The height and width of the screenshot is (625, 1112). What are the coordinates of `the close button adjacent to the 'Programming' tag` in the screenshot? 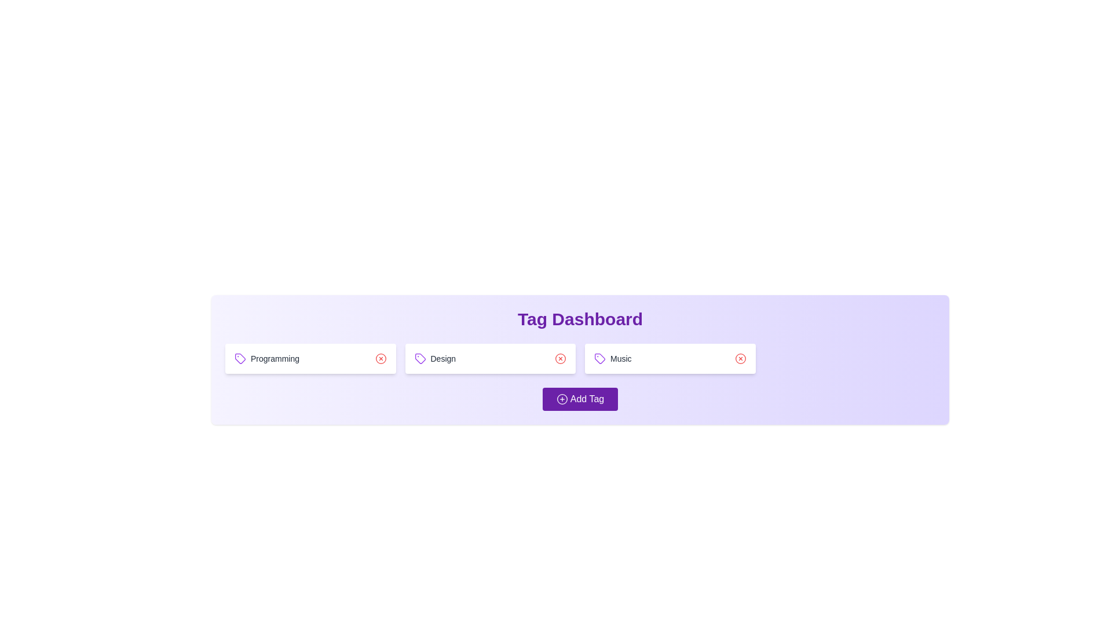 It's located at (381, 358).